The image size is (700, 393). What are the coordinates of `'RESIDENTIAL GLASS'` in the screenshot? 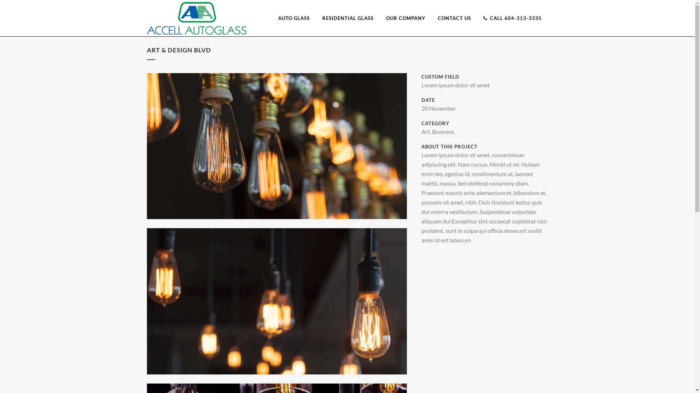 It's located at (347, 18).